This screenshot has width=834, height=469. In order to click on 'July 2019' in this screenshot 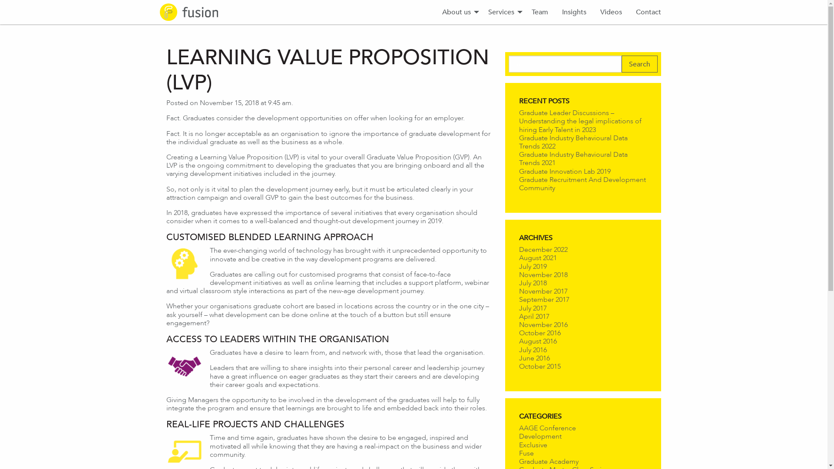, I will do `click(532, 266)`.